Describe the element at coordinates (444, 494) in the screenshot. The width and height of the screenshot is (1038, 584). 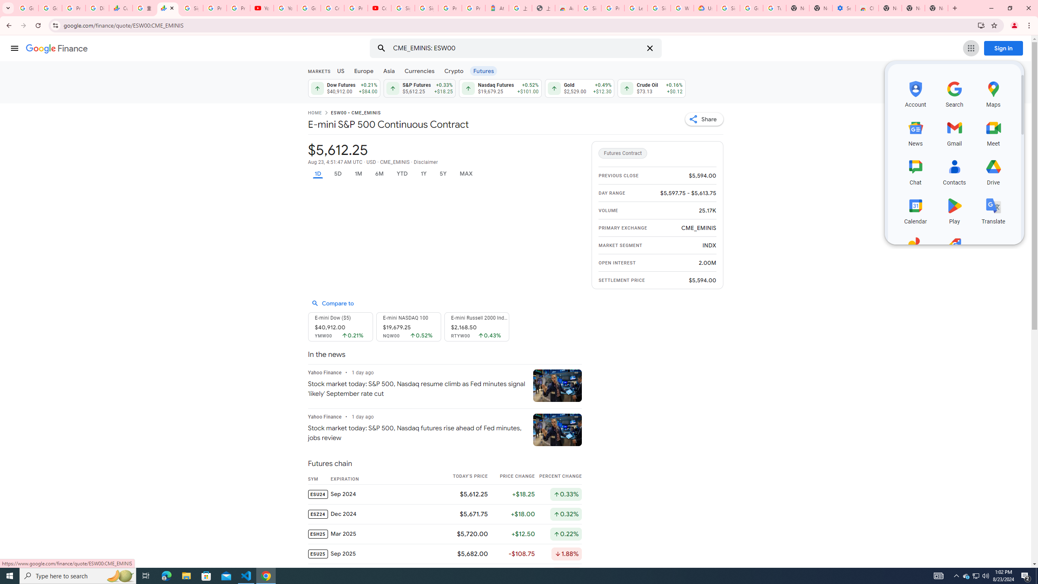
I see `'ESU24 Sep 2024 $5,612.25 +$18.25 Up by 0.33%'` at that location.